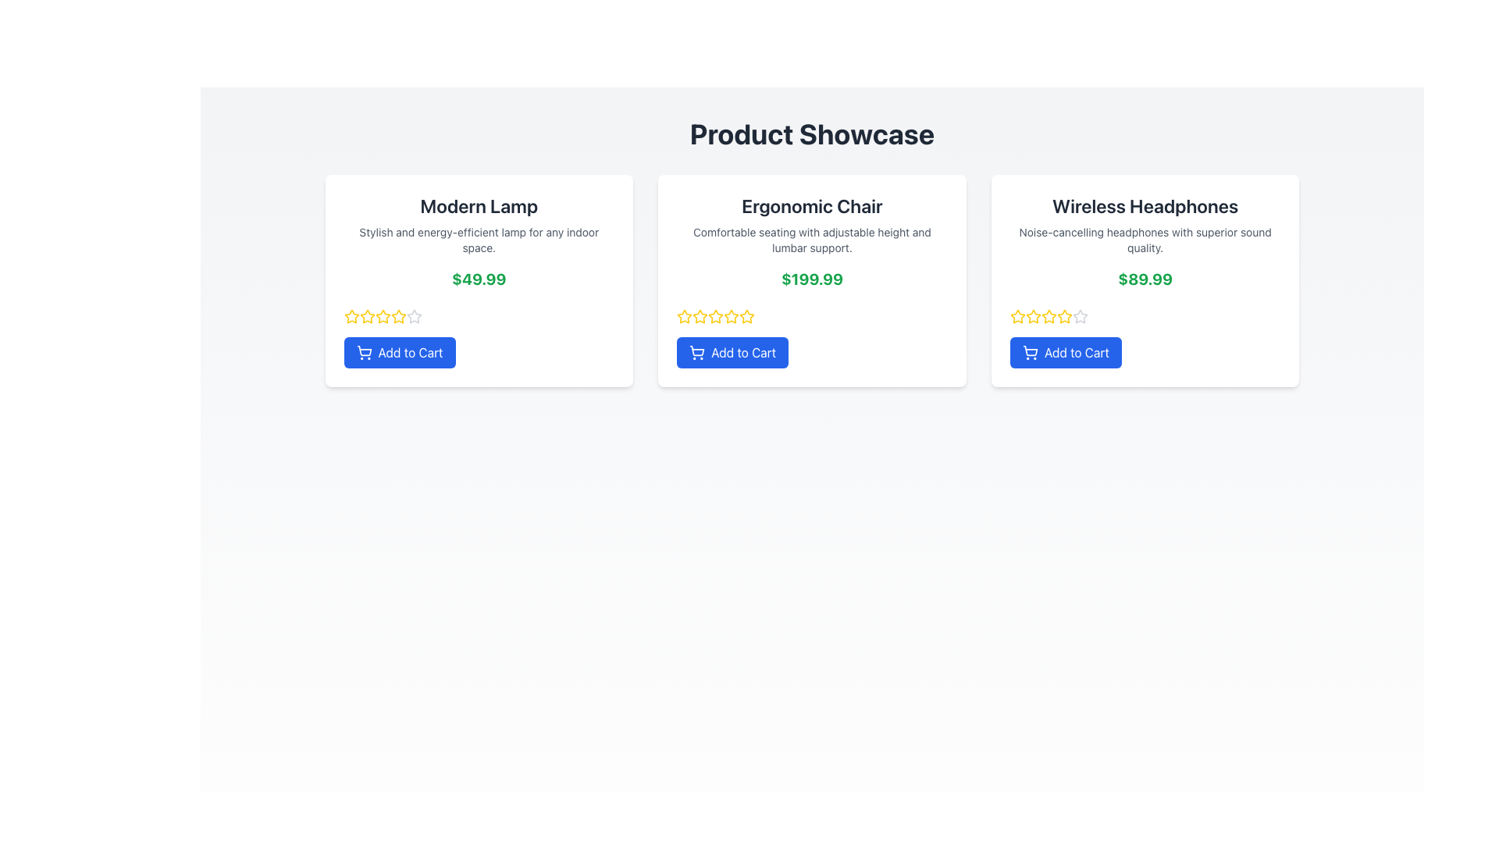  What do you see at coordinates (1145, 316) in the screenshot?
I see `the Rating display (stars) for the Wireless Headphones product, which is positioned below the price and above the Add to Cart button` at bounding box center [1145, 316].